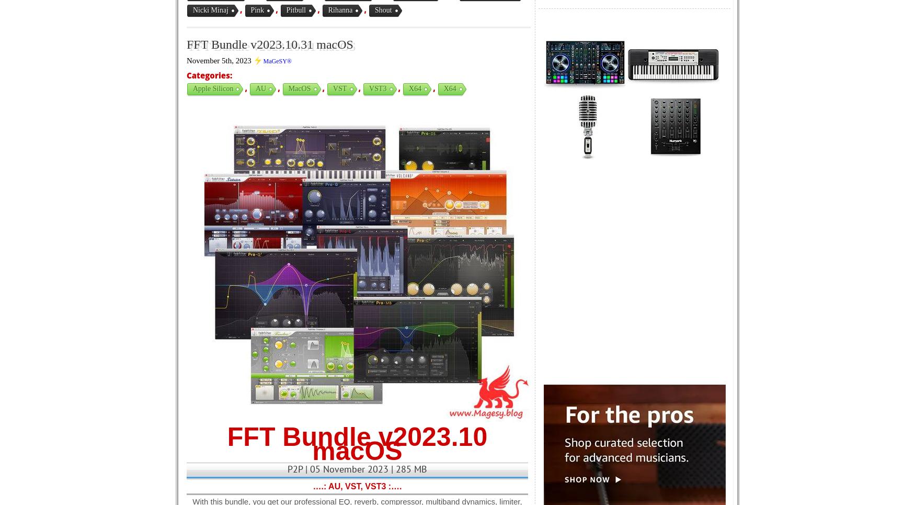  Describe the element at coordinates (299, 88) in the screenshot. I see `'macOS'` at that location.